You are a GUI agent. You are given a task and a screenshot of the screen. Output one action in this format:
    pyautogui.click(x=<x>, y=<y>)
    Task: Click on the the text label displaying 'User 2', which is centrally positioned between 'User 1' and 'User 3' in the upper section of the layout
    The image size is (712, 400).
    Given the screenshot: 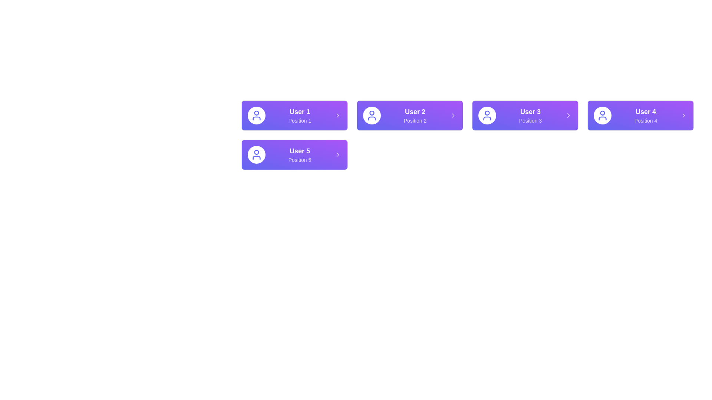 What is the action you would take?
    pyautogui.click(x=415, y=111)
    